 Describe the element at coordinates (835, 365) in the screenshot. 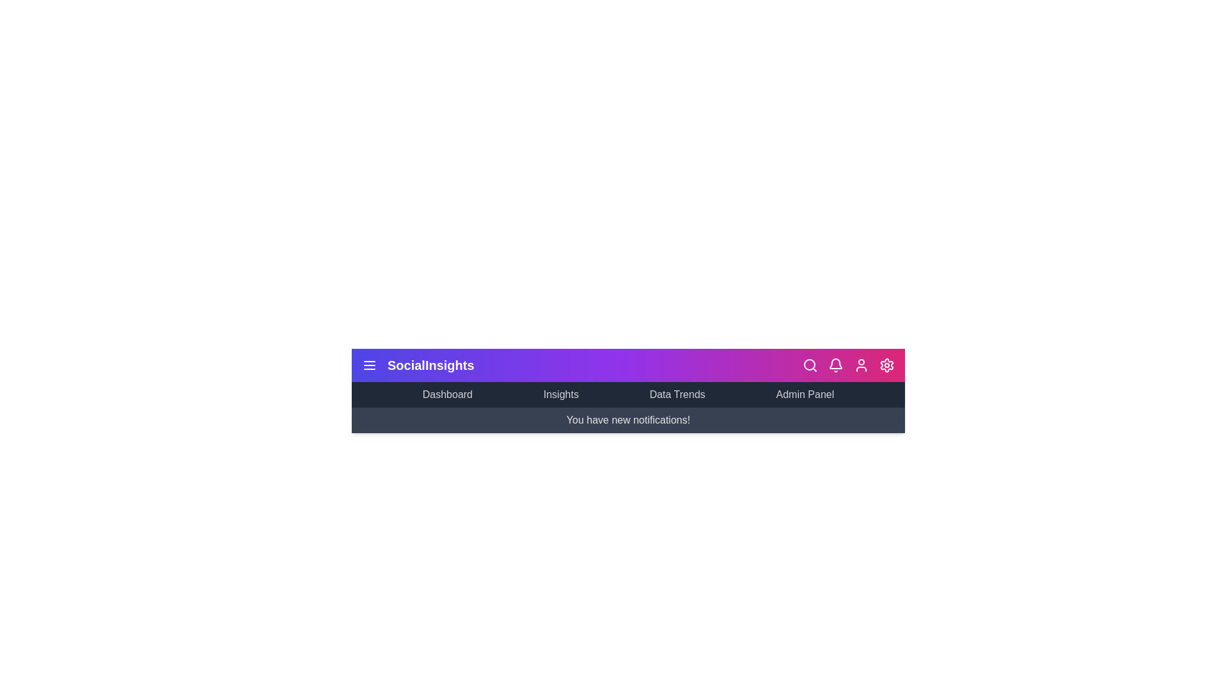

I see `the bell icon to toggle the notification panel visibility` at that location.